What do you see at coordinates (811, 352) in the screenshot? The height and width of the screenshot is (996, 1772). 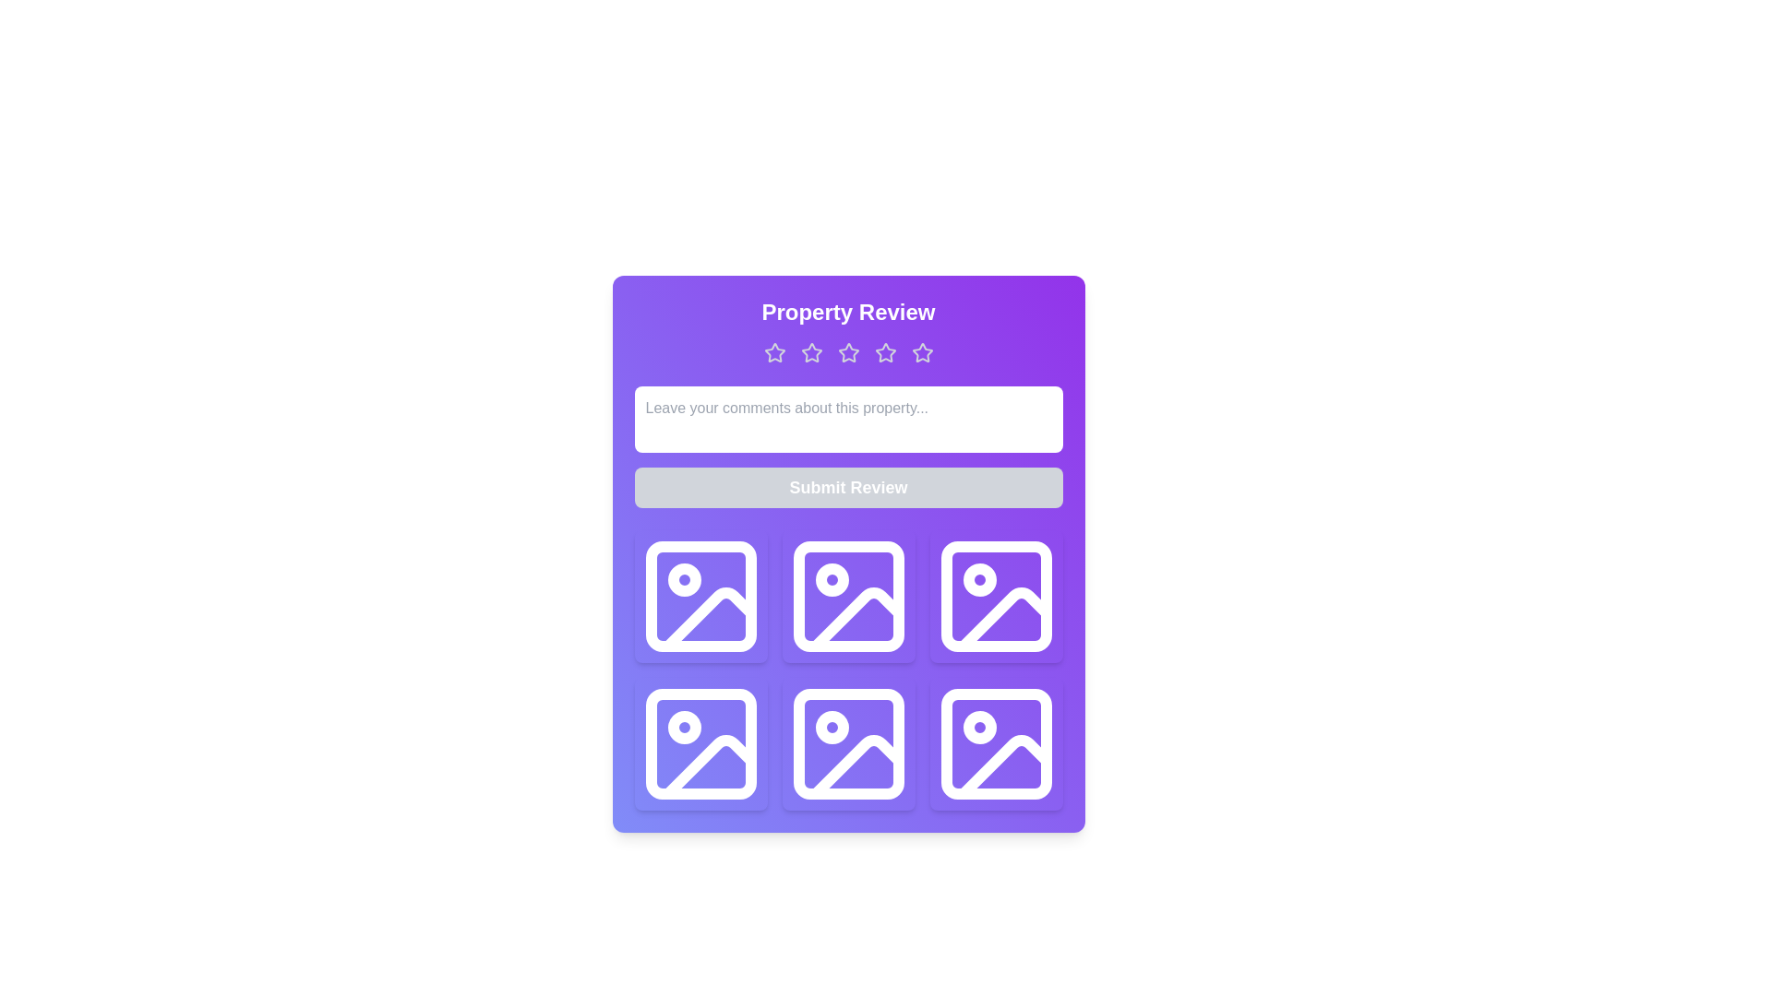 I see `the rating to 2 stars by clicking on the corresponding star` at bounding box center [811, 352].